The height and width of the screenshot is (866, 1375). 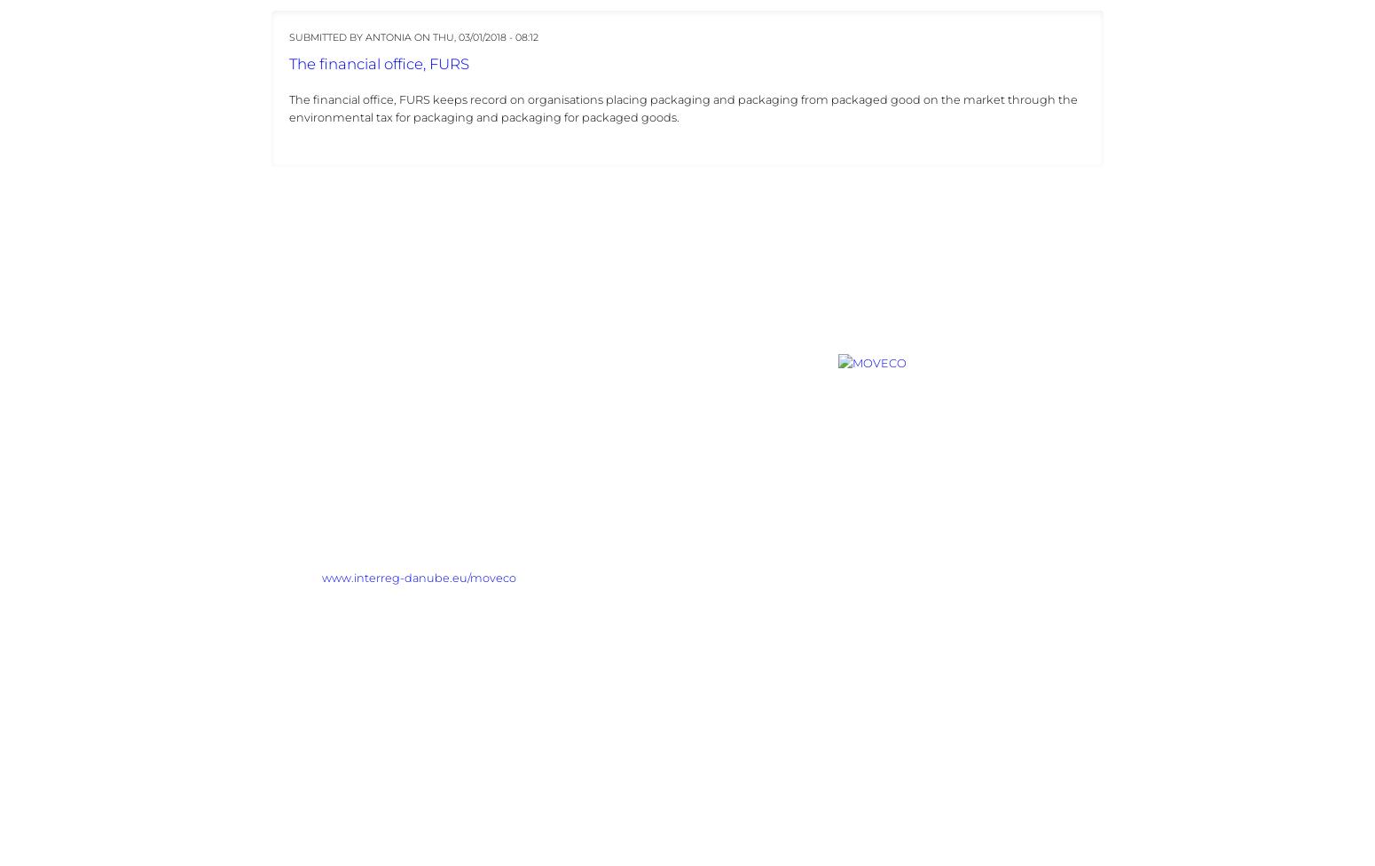 What do you see at coordinates (537, 445) in the screenshot?
I see `'Title: Mobilizing Institutional Learning for Better Exploitation of Research and Innovation for the Circular Economy'` at bounding box center [537, 445].